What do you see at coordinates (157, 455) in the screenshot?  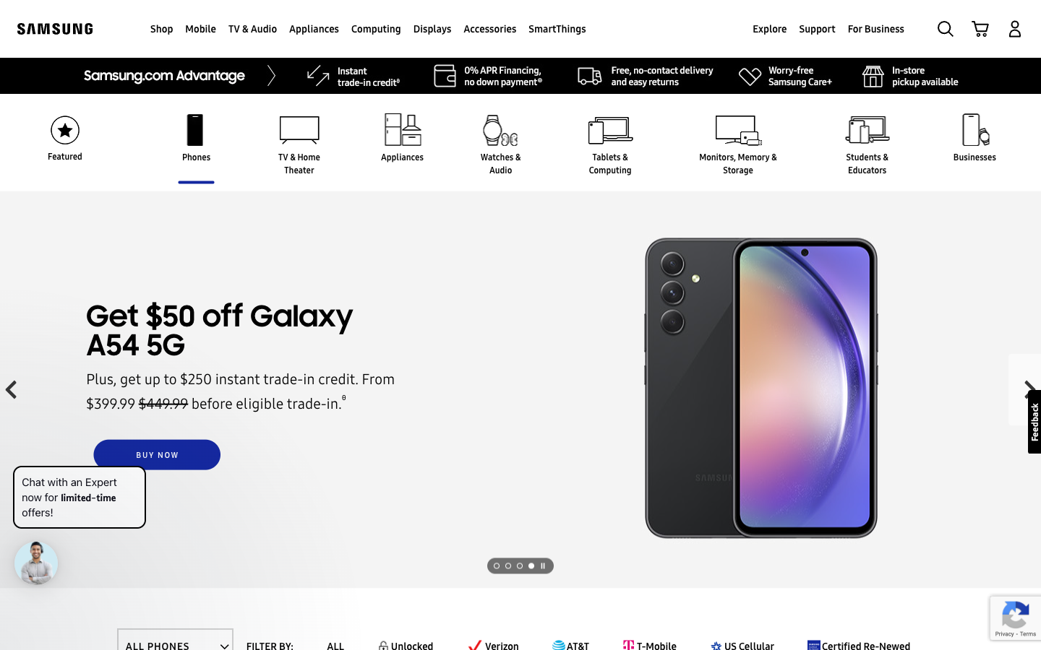 I see `the page to buy the Galaxy A54 5G` at bounding box center [157, 455].